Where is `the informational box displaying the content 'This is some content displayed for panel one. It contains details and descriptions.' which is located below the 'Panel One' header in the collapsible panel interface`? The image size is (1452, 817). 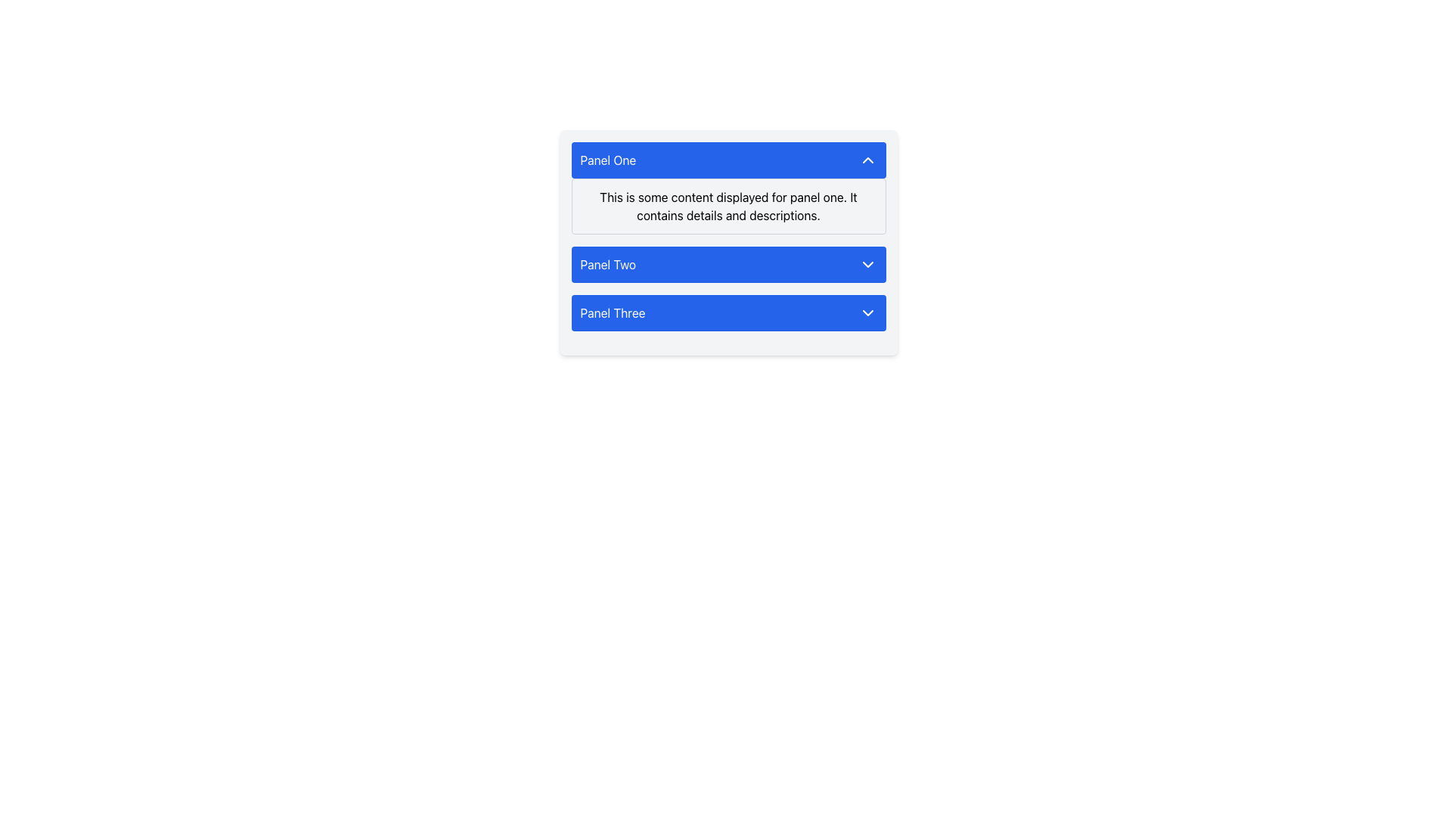
the informational box displaying the content 'This is some content displayed for panel one. It contains details and descriptions.' which is located below the 'Panel One' header in the collapsible panel interface is located at coordinates (728, 207).